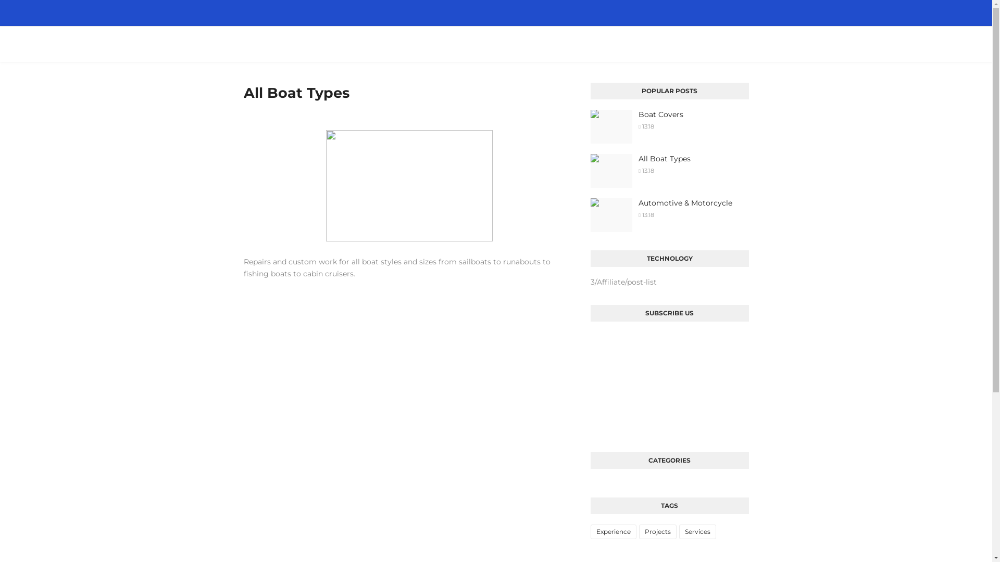 The height and width of the screenshot is (562, 1000). What do you see at coordinates (637, 203) in the screenshot?
I see `'Automotive & Motorcycle'` at bounding box center [637, 203].